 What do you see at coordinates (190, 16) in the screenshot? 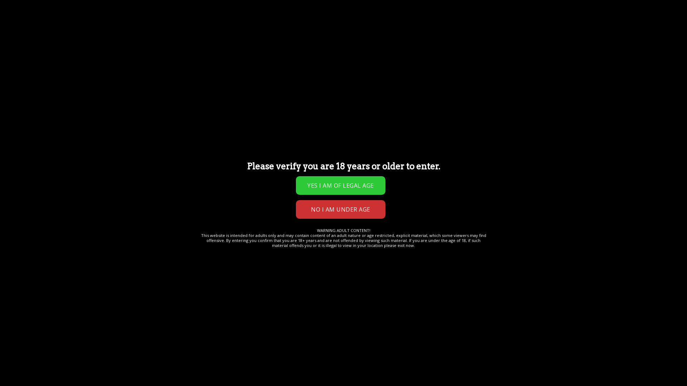
I see `'Search'` at bounding box center [190, 16].